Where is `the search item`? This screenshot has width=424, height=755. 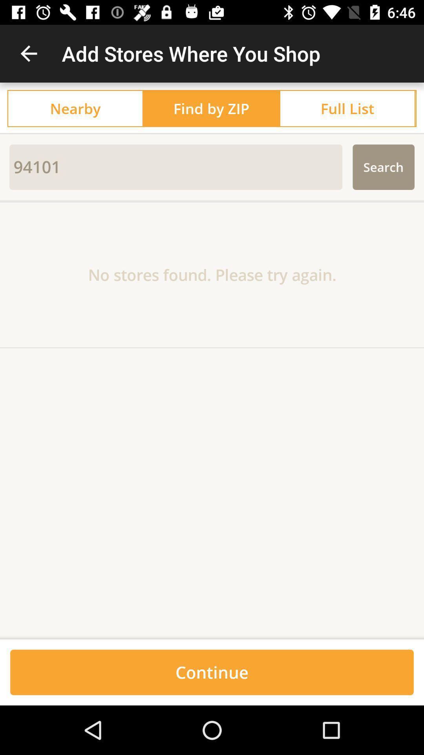 the search item is located at coordinates (383, 166).